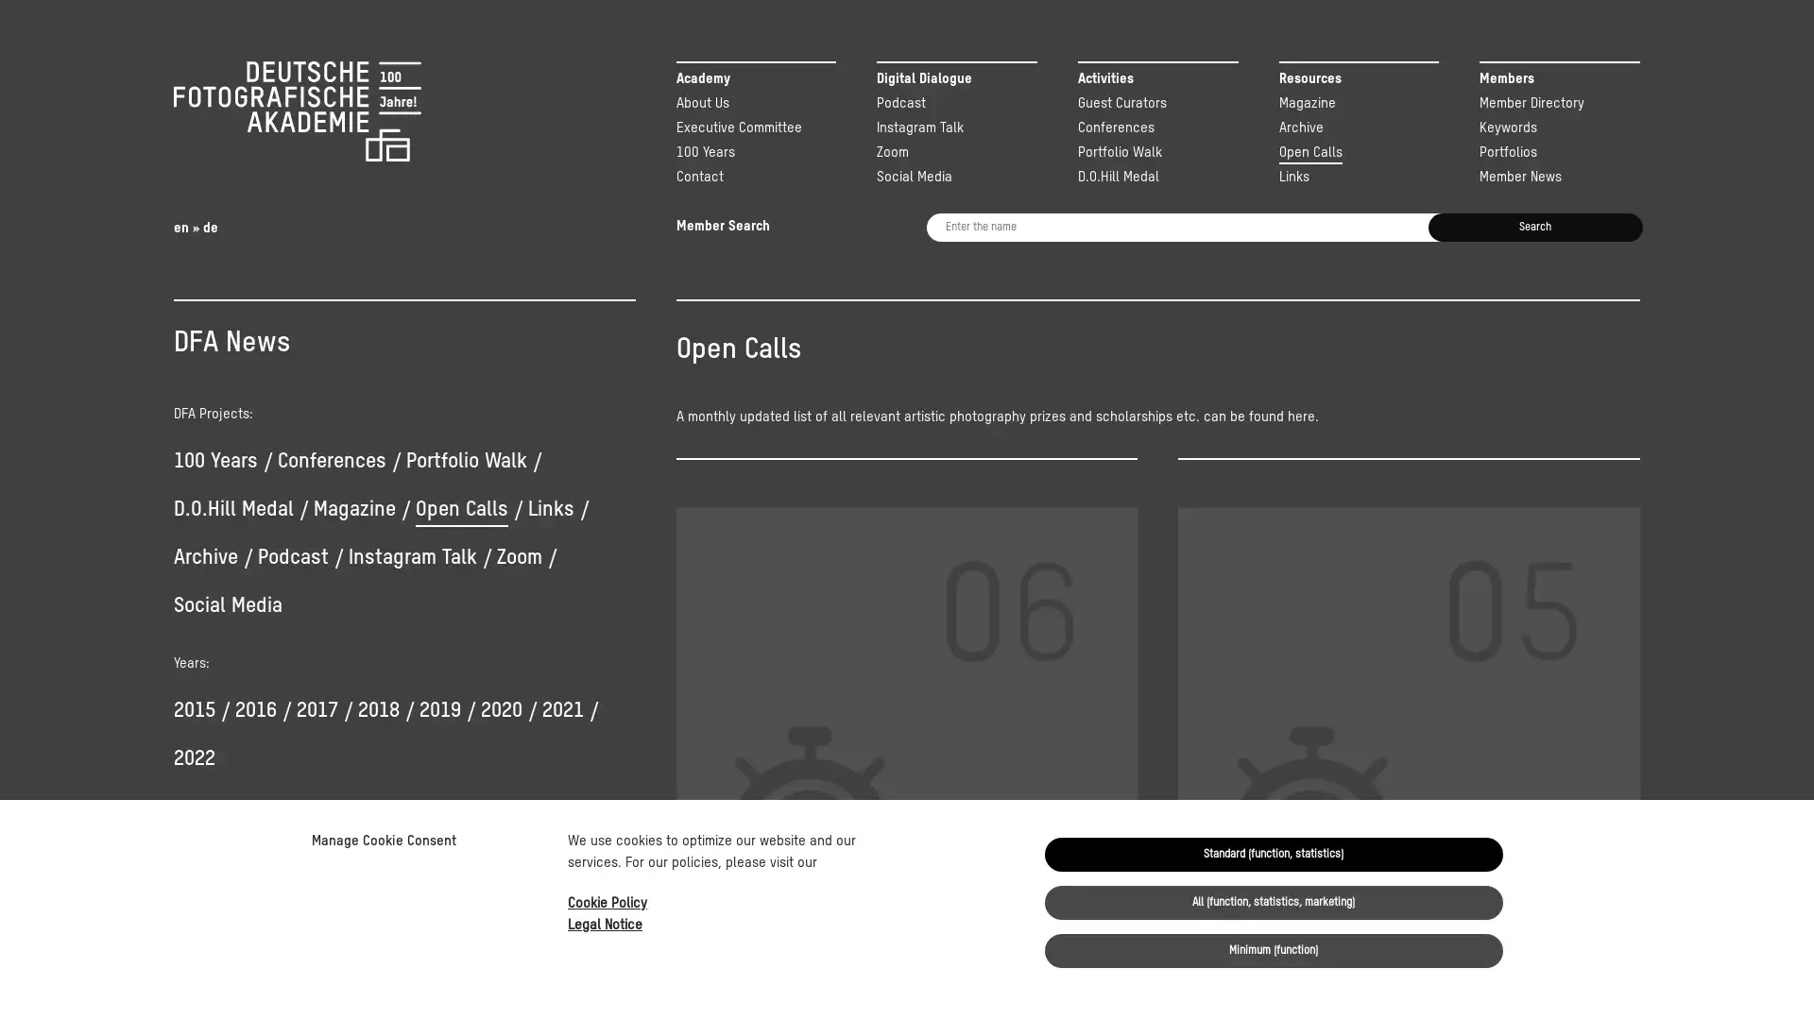  I want to click on Magazine, so click(354, 510).